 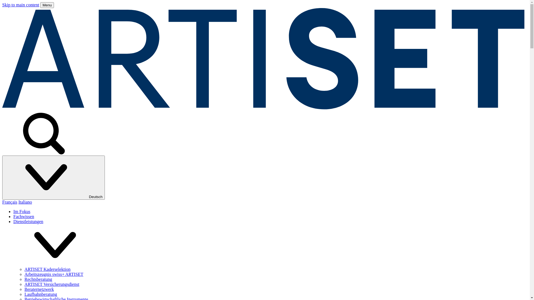 I want to click on 'Menu', so click(x=40, y=5).